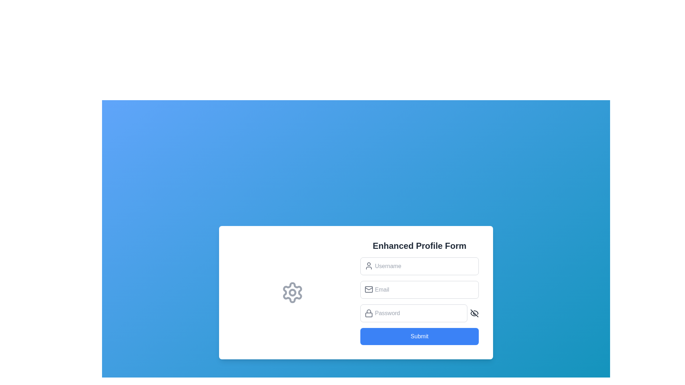 The width and height of the screenshot is (685, 385). What do you see at coordinates (420, 313) in the screenshot?
I see `the password input field located below the 'Email' input field and above the 'Submit' button to focus on it` at bounding box center [420, 313].